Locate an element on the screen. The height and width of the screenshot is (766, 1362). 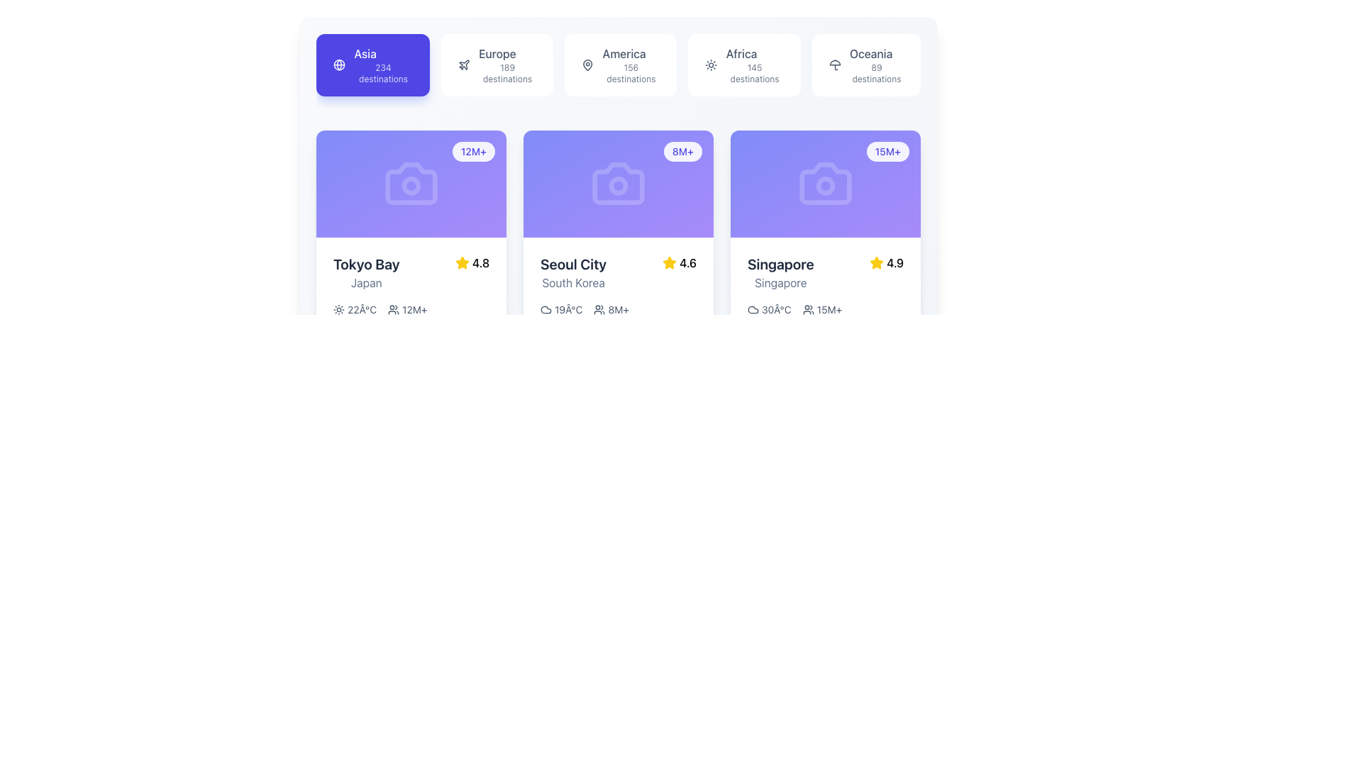
the Text Label displaying 'Singapore', located within the information card at the bottom part, beneath the city name is located at coordinates (780, 282).